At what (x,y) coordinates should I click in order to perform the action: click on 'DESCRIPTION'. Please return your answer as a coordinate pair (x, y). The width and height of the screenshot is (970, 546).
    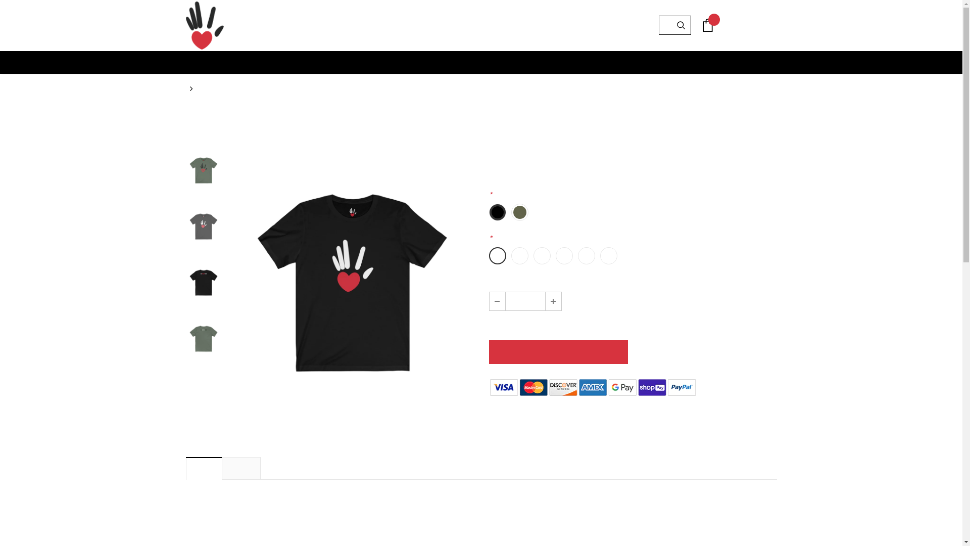
    Looking at the image, I should click on (204, 468).